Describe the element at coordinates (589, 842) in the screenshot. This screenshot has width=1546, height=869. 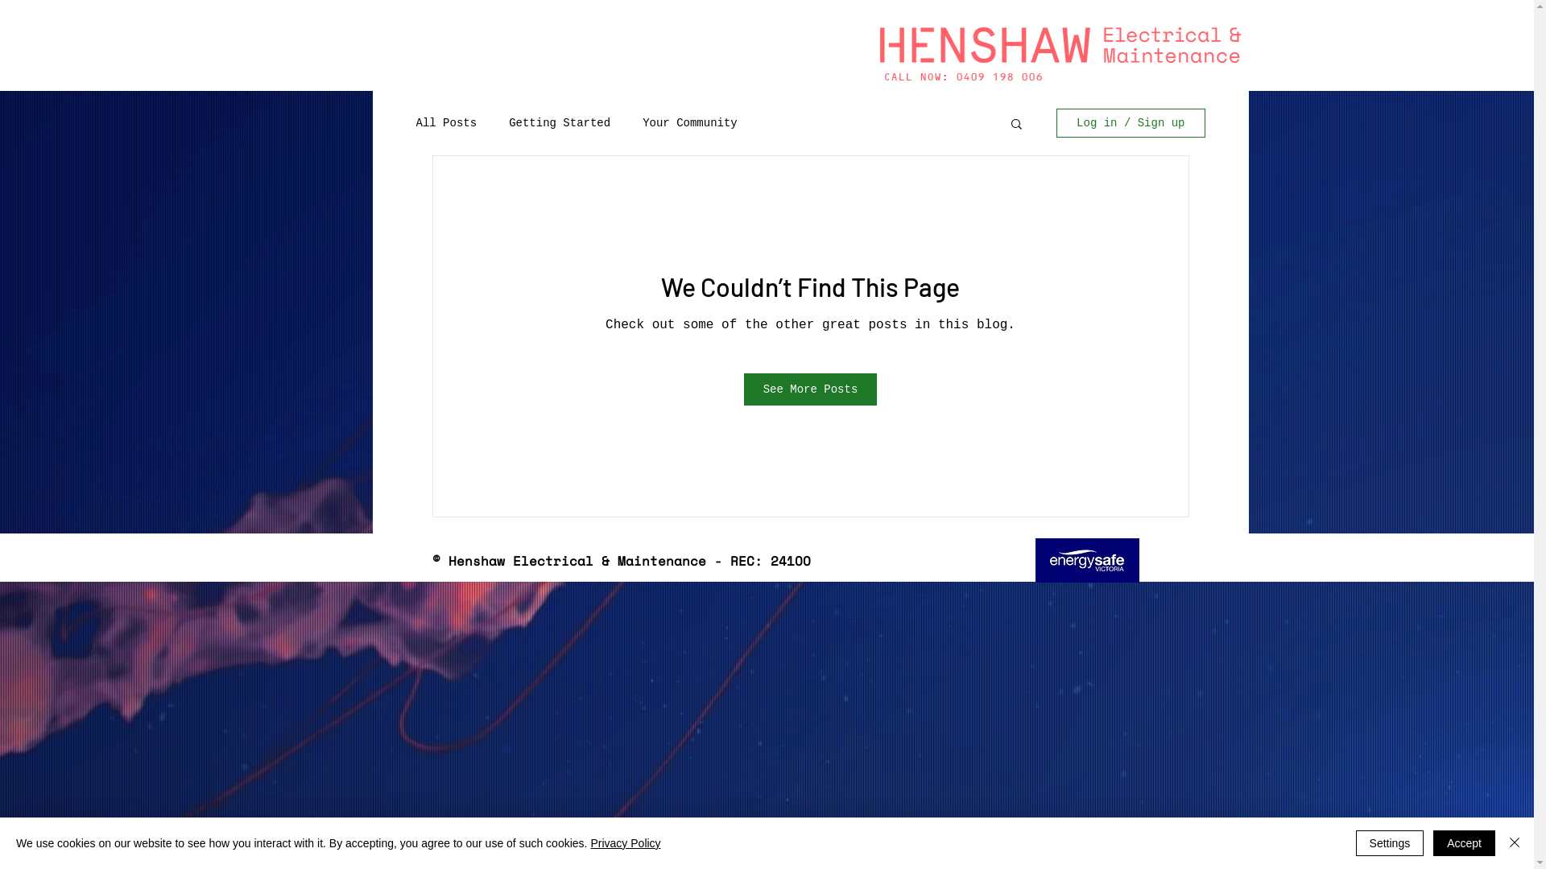
I see `'Privacy Policy'` at that location.